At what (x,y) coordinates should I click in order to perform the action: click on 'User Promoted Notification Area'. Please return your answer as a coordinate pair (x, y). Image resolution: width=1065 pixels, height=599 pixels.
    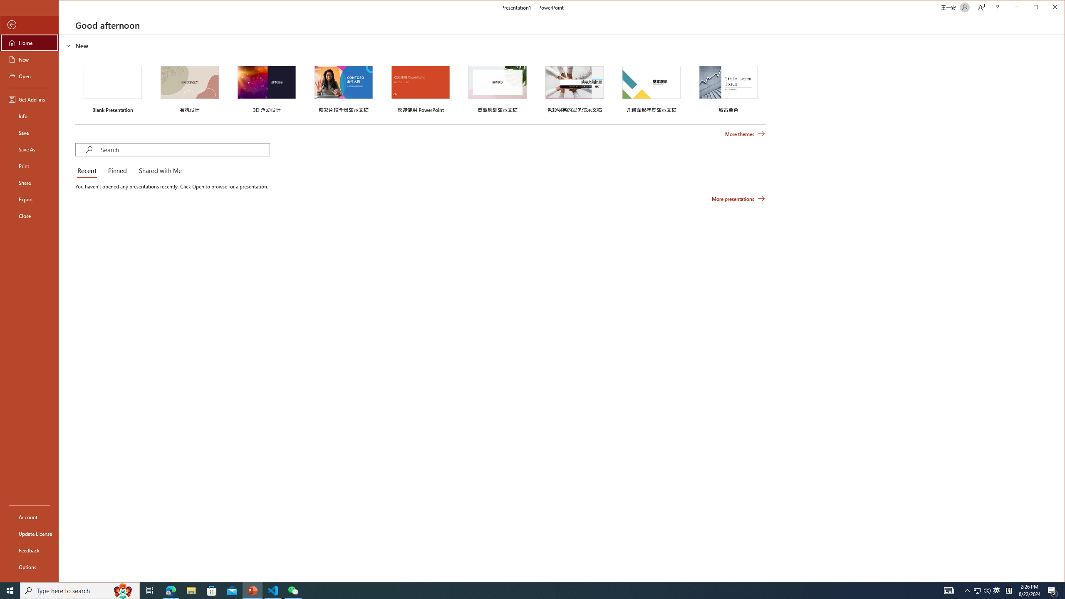
    Looking at the image, I should click on (982, 590).